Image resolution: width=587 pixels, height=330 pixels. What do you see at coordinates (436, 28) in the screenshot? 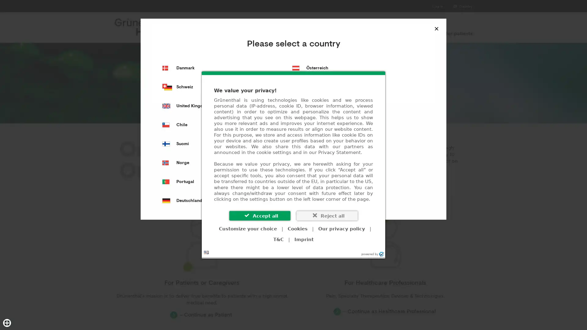
I see `Close reveal` at bounding box center [436, 28].